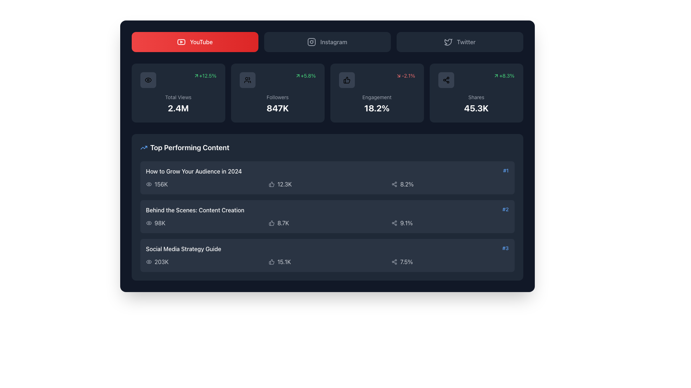 The height and width of the screenshot is (388, 691). What do you see at coordinates (178, 108) in the screenshot?
I see `quantitative statistic displayed in the Text Display element representing the total views count, which is located centrally within a card component in the top-left section of the interface` at bounding box center [178, 108].